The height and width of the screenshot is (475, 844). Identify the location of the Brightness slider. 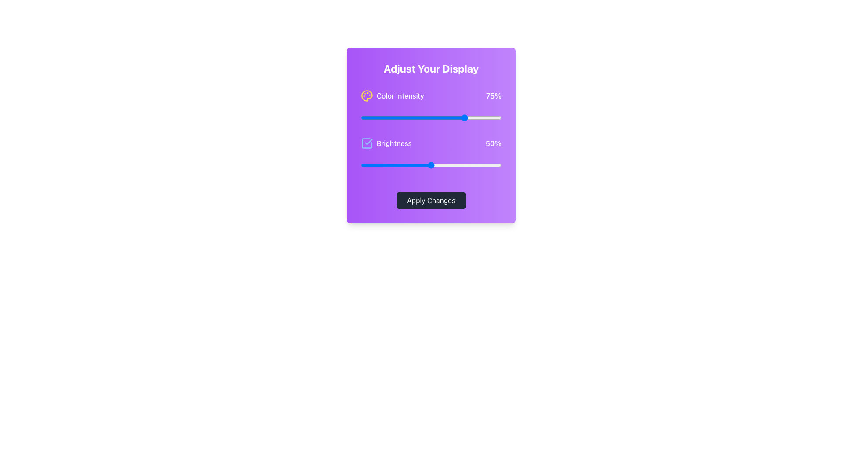
(398, 165).